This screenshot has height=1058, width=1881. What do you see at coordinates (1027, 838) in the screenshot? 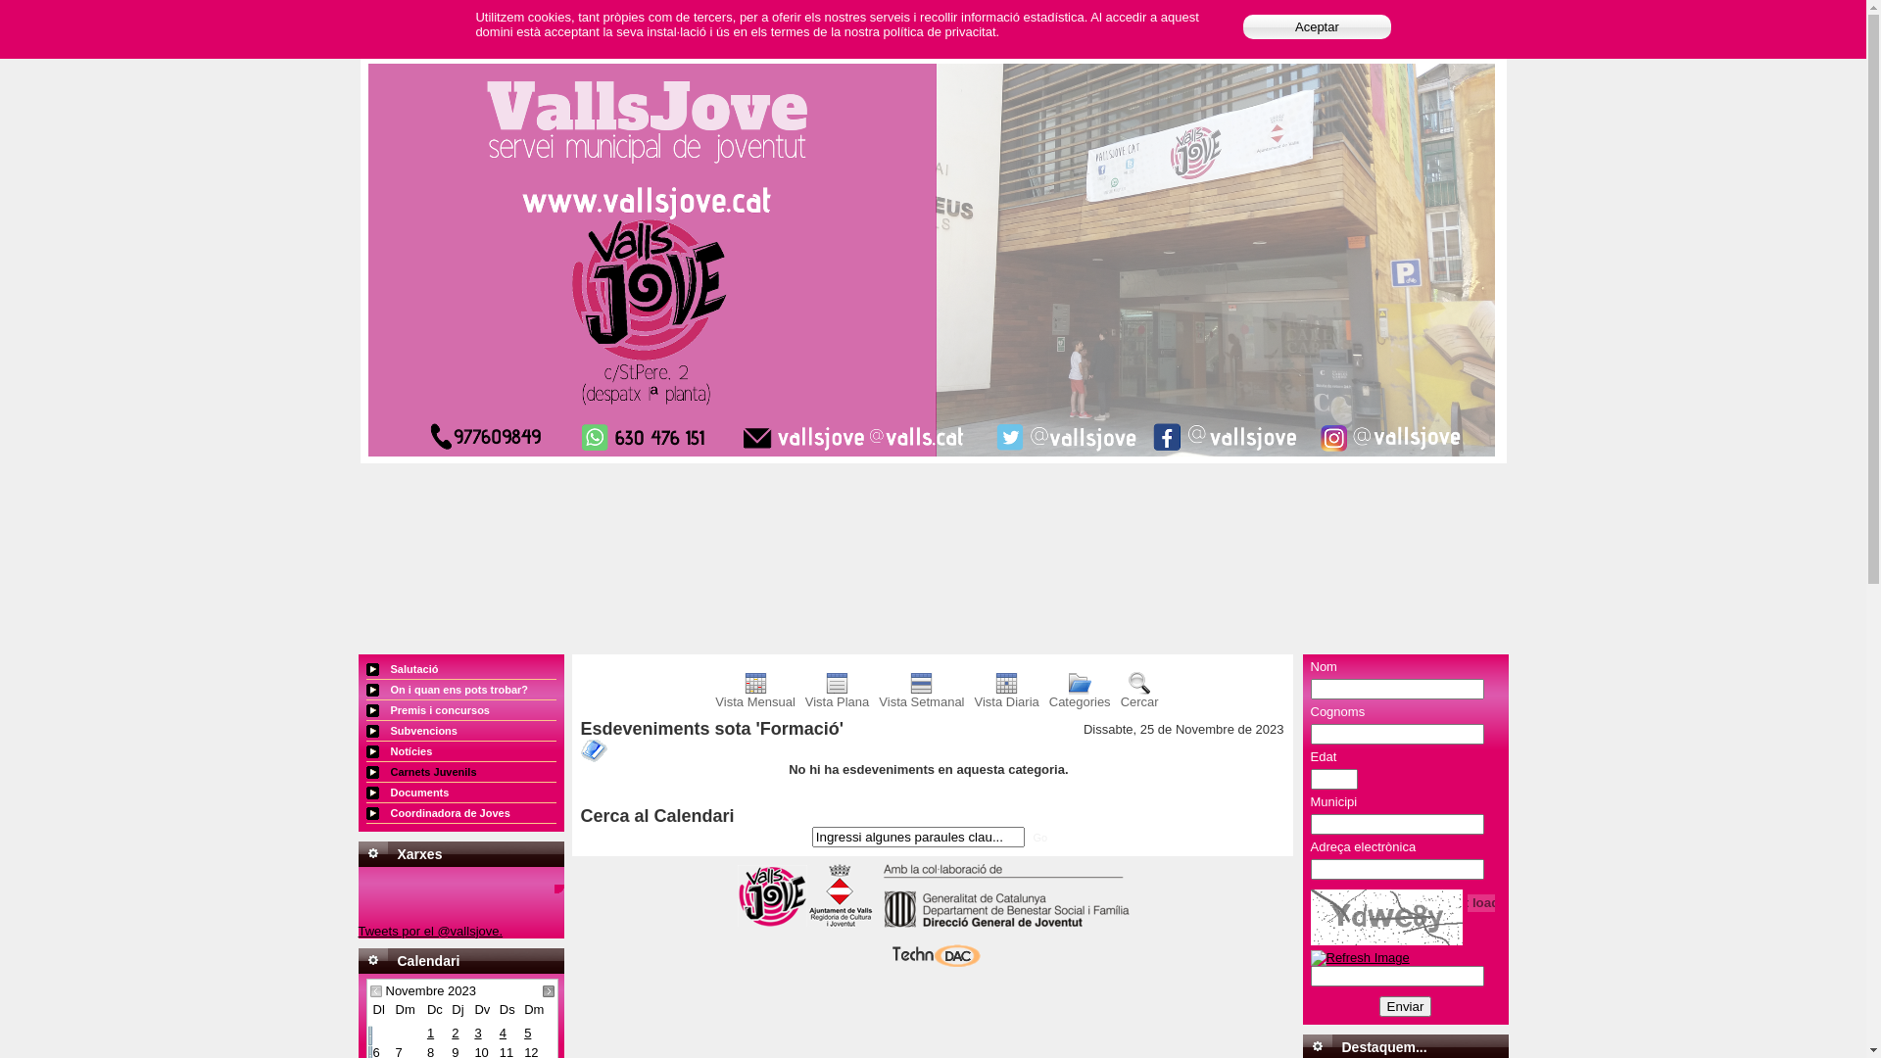
I see `'Go'` at bounding box center [1027, 838].